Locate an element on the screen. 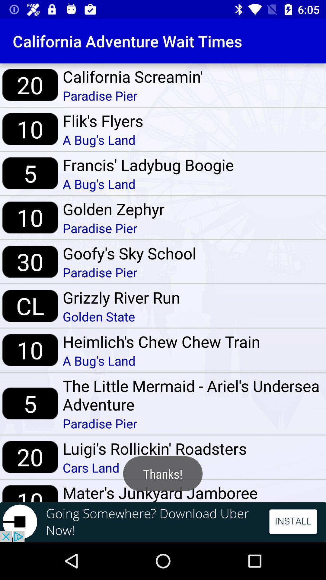 Image resolution: width=326 pixels, height=580 pixels. the cl icon is located at coordinates (30, 306).